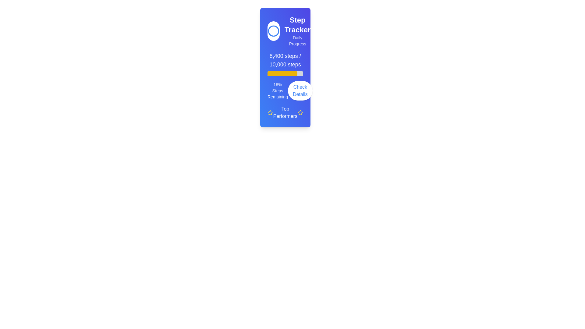 This screenshot has height=329, width=585. Describe the element at coordinates (277, 90) in the screenshot. I see `the progress indicator text label that conveys the percentage of steps remaining towards a goal` at that location.